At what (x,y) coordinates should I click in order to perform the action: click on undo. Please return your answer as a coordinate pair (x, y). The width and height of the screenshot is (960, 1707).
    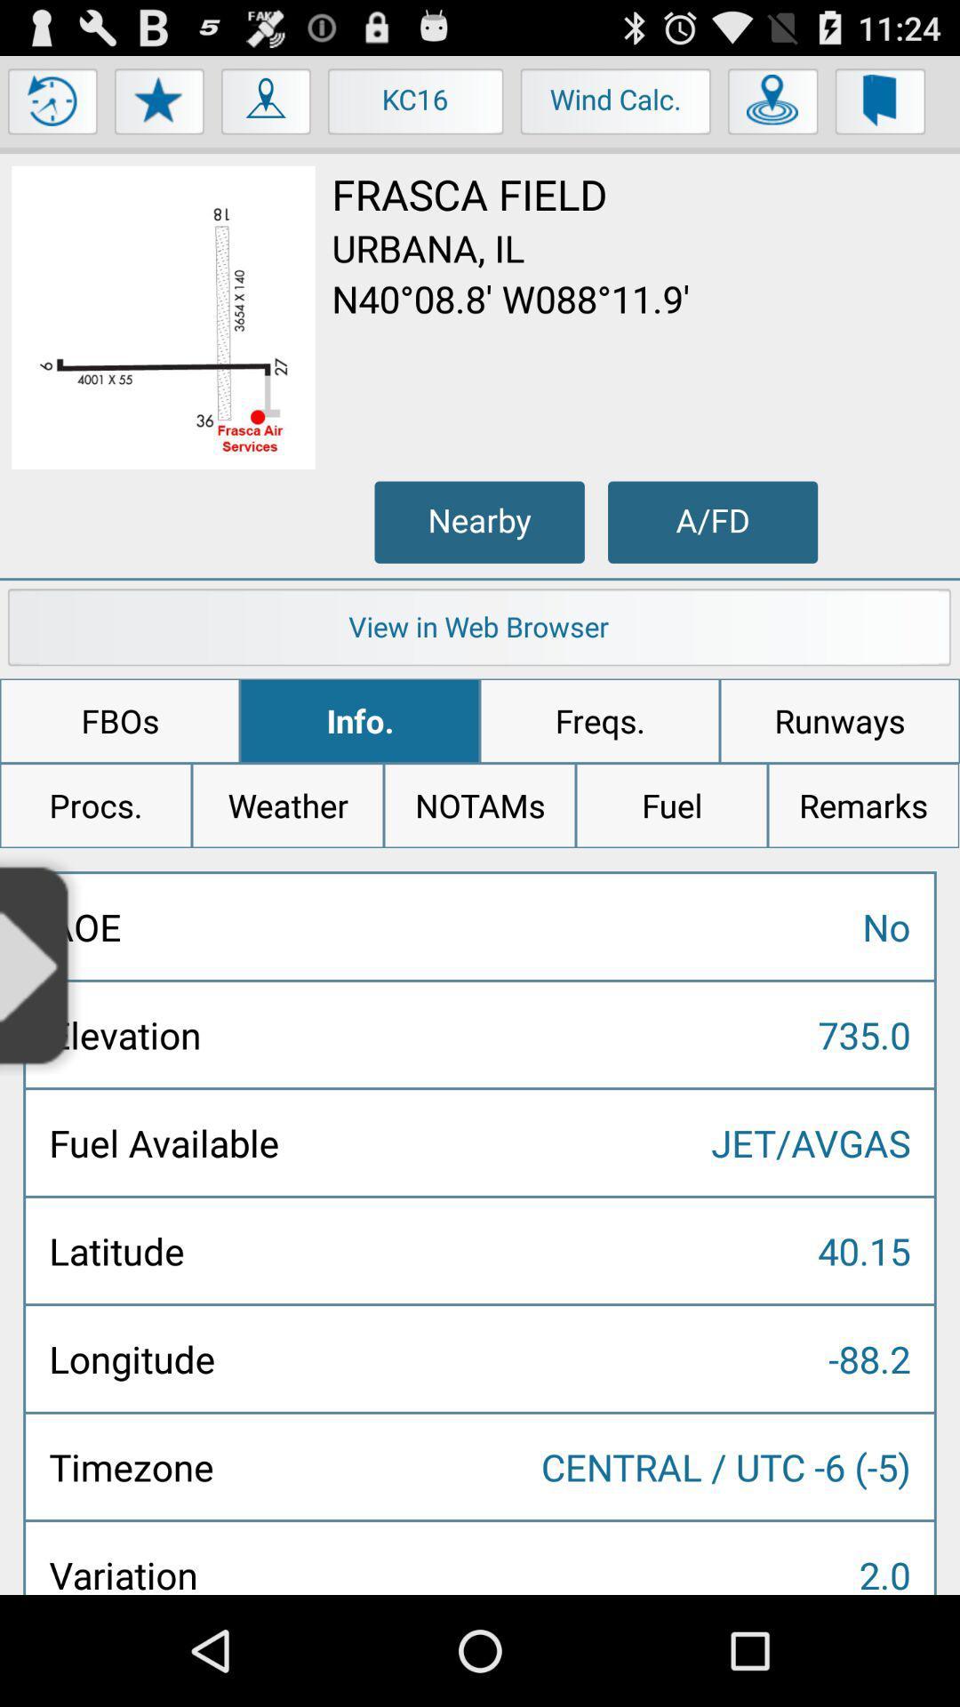
    Looking at the image, I should click on (52, 105).